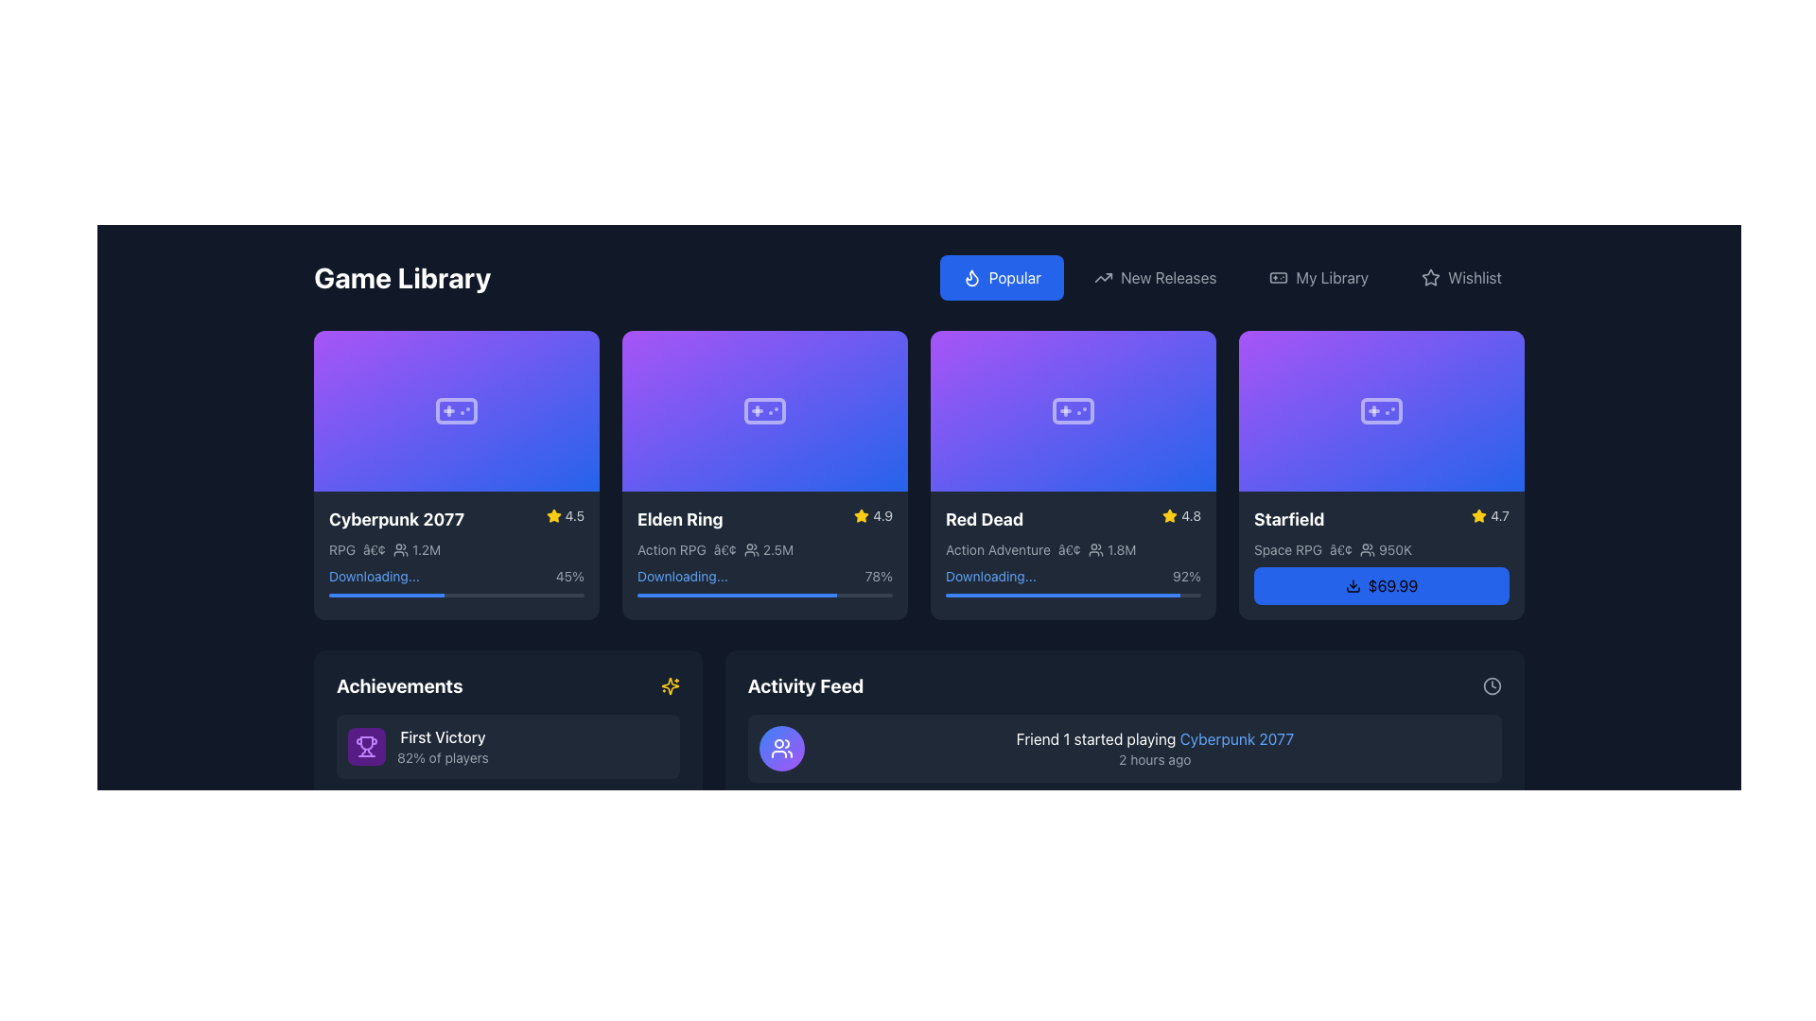 Image resolution: width=1816 pixels, height=1021 pixels. I want to click on the price text element for the game 'Starfield', located at the bottom center of the card inside a blue button-like area, so click(1393, 584).